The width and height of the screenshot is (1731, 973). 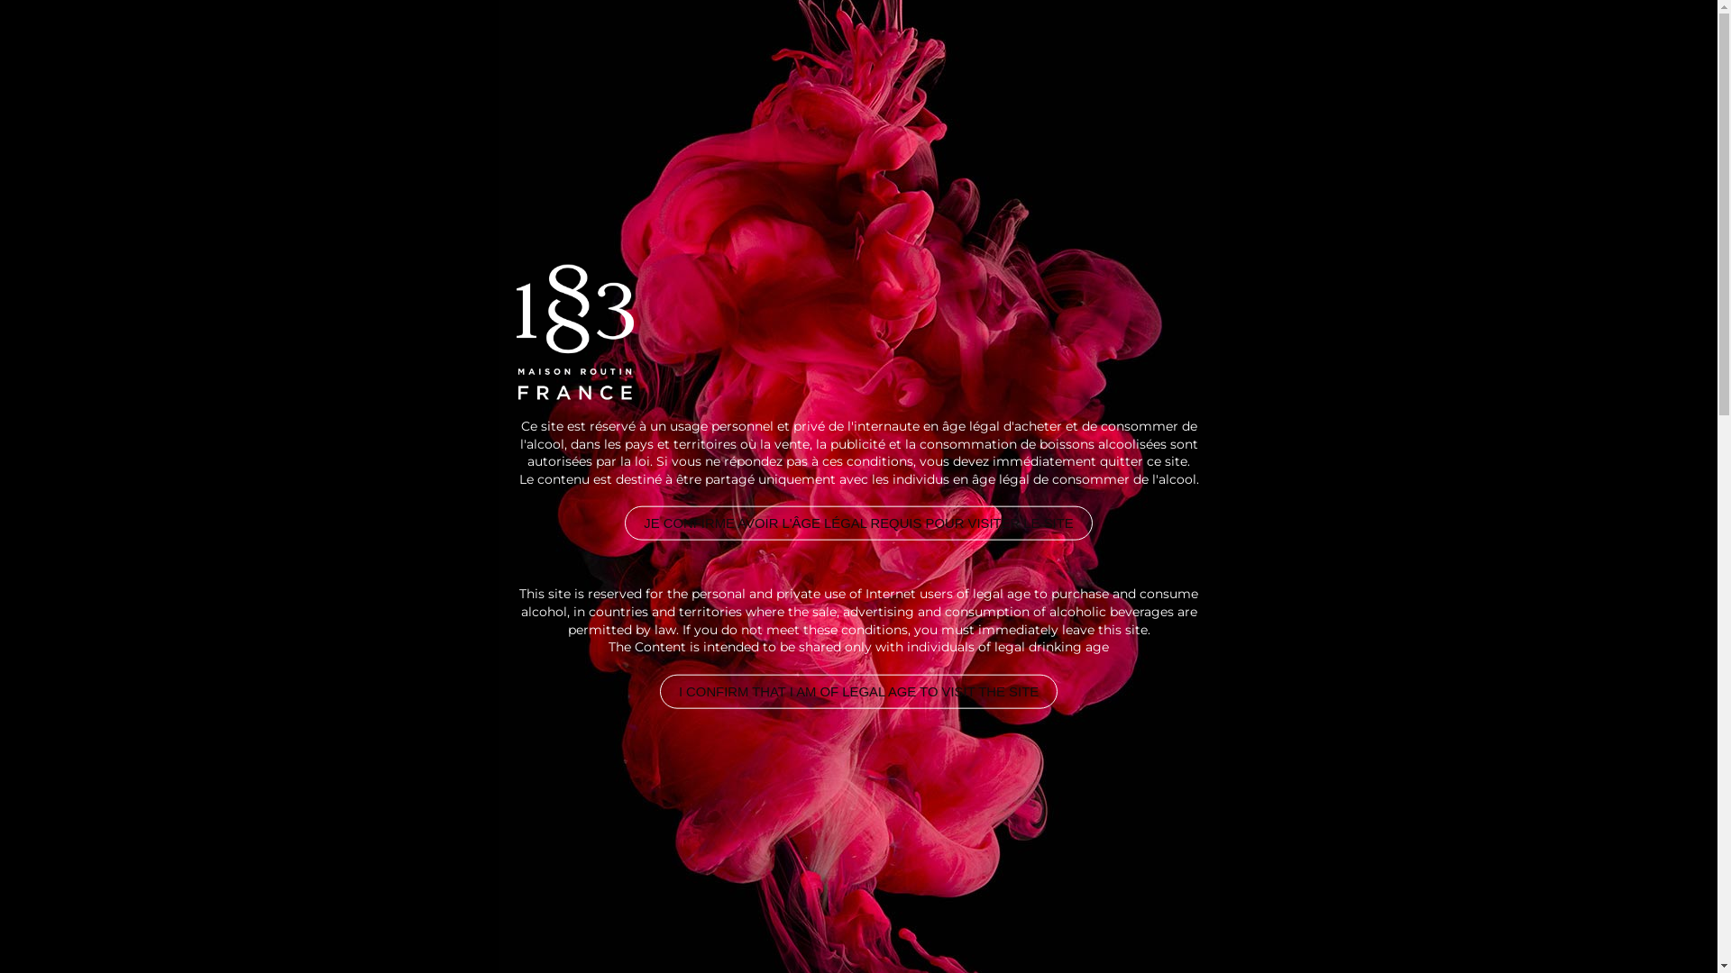 I want to click on 'COLLECTIONS', so click(x=973, y=72).